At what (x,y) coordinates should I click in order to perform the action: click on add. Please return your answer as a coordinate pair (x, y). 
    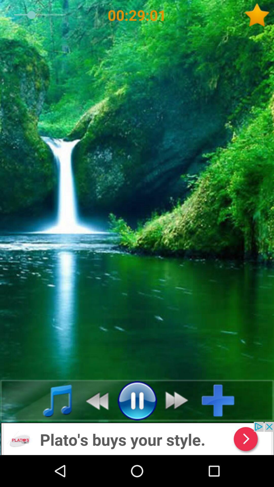
    Looking at the image, I should click on (137, 438).